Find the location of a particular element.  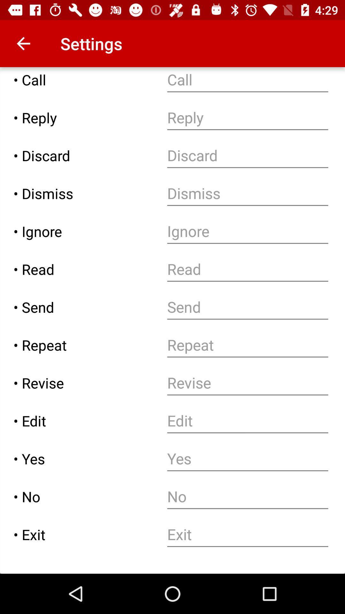

the icon to the left of settings is located at coordinates (23, 43).